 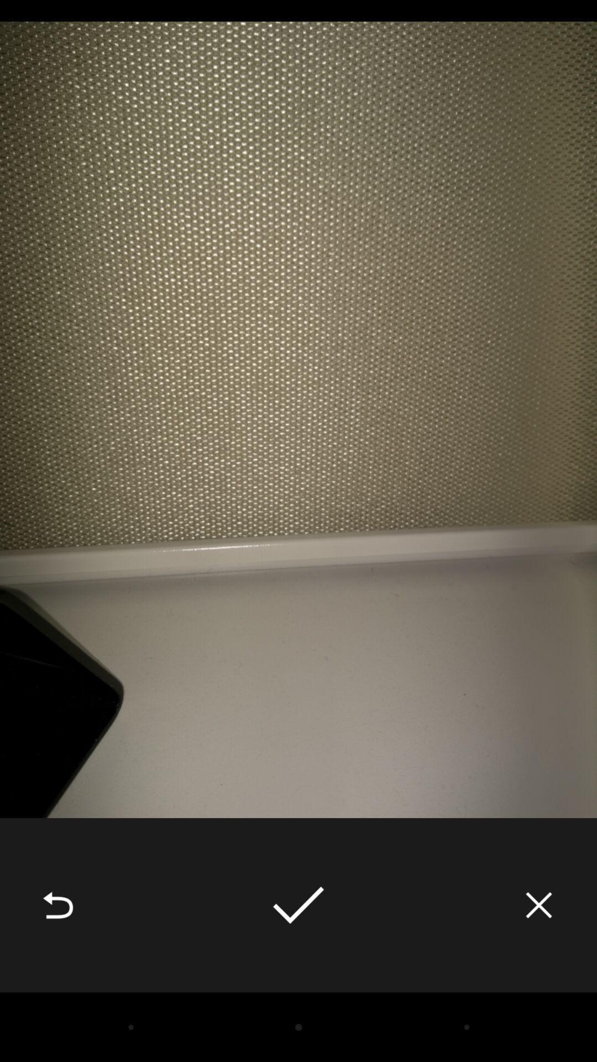 I want to click on the item at the bottom right corner, so click(x=538, y=905).